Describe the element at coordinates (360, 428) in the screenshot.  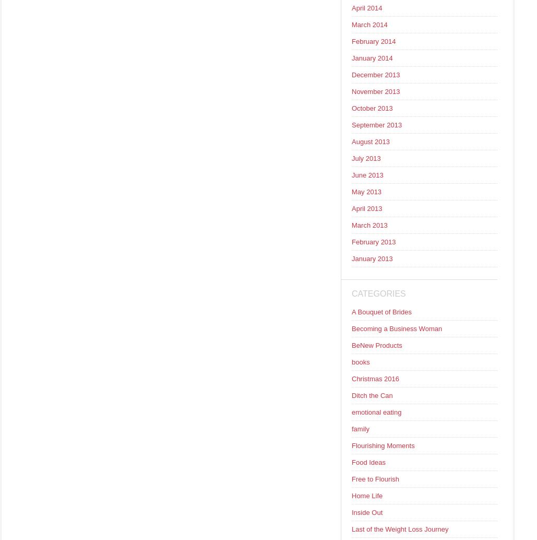
I see `'family'` at that location.